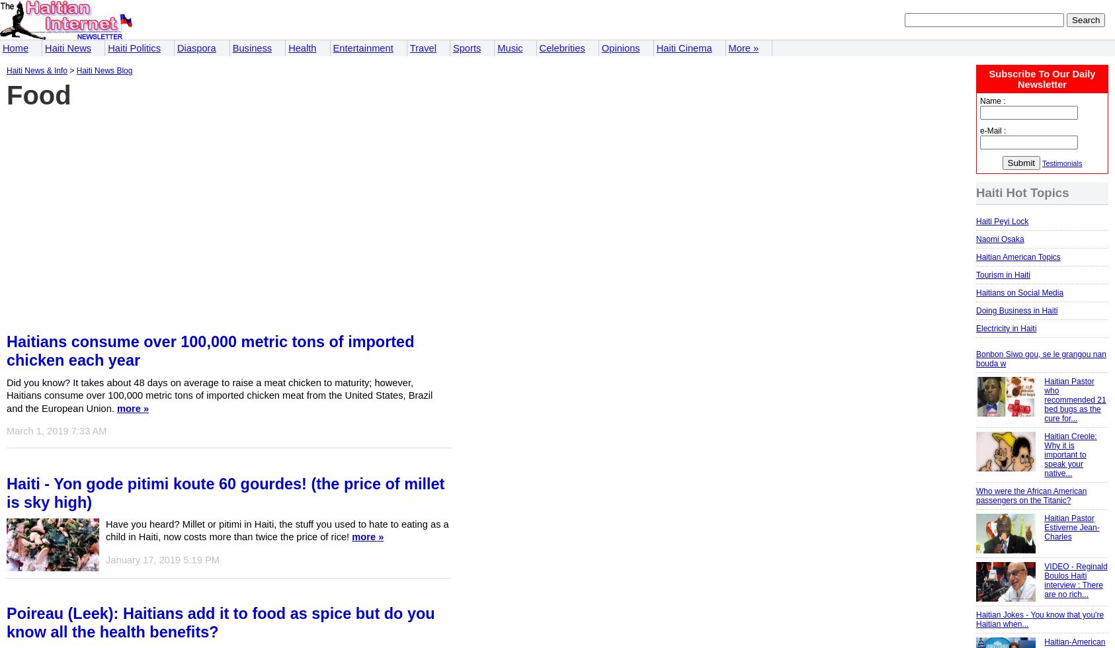 The width and height of the screenshot is (1115, 648). What do you see at coordinates (975, 327) in the screenshot?
I see `'Electricity in Haiti'` at bounding box center [975, 327].